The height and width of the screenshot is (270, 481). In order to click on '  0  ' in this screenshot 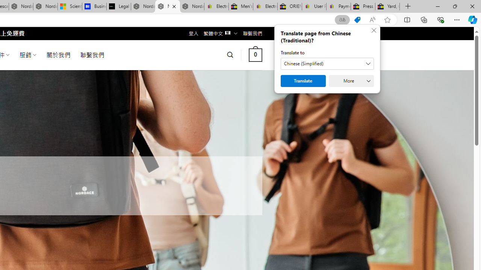, I will do `click(255, 54)`.